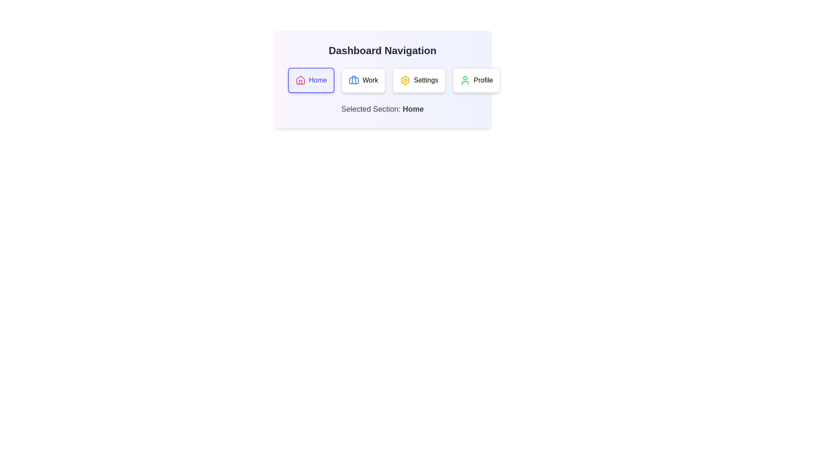 This screenshot has width=813, height=457. Describe the element at coordinates (476, 80) in the screenshot. I see `the 'Profile' navigation button, which is the fourth item in the horizontal navigation bar located to the right of the 'Settings' button, to trigger any hover effects` at that location.